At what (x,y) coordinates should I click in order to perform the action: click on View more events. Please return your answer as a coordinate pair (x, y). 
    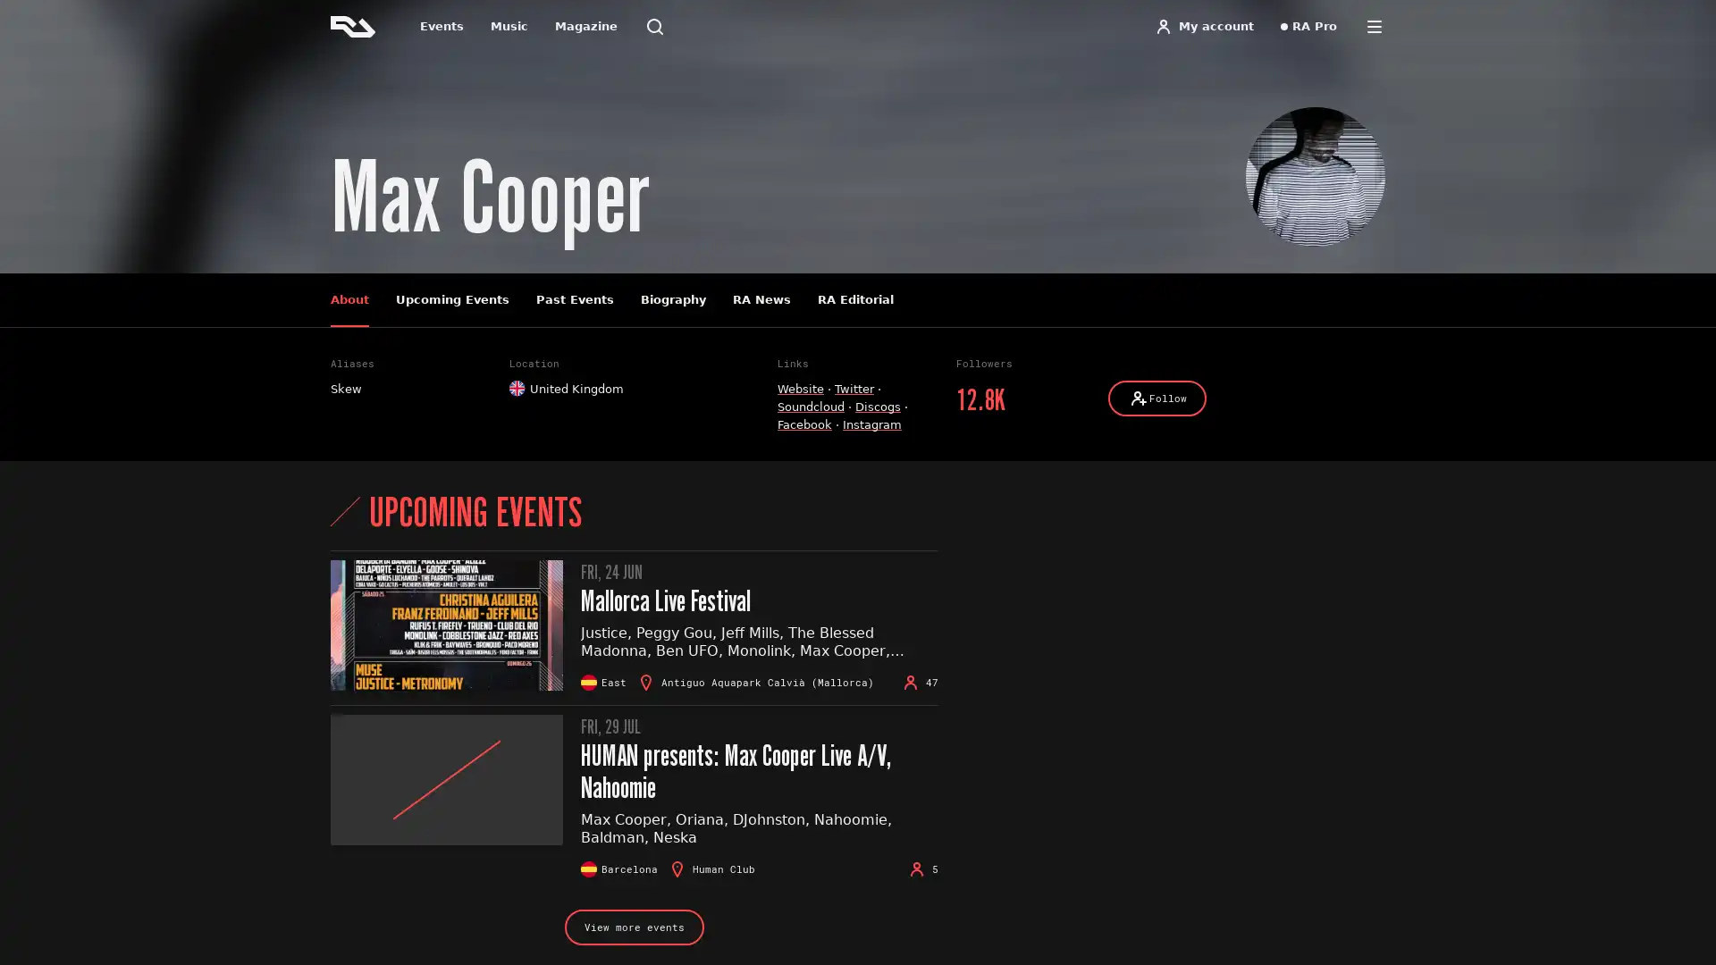
    Looking at the image, I should click on (635, 926).